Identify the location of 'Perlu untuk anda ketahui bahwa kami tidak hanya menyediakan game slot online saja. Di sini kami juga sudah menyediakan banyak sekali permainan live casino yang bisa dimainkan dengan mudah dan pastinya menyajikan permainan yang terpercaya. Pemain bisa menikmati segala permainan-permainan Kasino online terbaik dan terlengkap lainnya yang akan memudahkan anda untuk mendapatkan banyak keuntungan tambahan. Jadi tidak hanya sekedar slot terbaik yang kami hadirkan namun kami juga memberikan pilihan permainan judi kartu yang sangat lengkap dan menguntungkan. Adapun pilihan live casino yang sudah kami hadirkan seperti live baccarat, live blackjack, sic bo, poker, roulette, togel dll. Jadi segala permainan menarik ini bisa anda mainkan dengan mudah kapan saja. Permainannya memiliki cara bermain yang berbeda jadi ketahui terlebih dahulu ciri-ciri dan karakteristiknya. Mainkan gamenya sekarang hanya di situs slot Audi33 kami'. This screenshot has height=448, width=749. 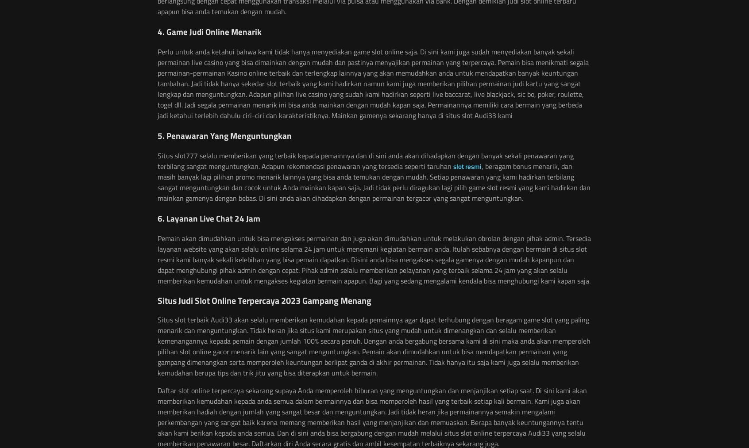
(373, 84).